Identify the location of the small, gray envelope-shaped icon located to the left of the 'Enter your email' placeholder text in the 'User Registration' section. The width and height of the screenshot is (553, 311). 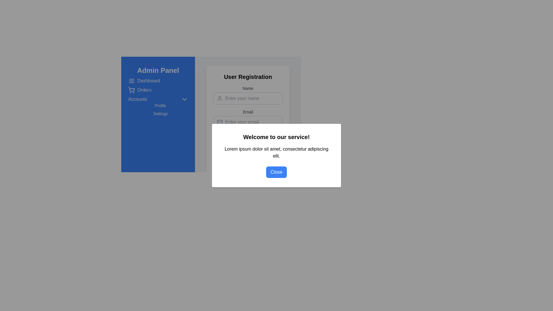
(219, 122).